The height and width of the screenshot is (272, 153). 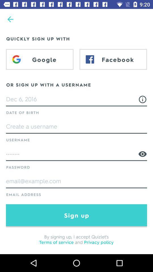 I want to click on google item, so click(x=39, y=59).